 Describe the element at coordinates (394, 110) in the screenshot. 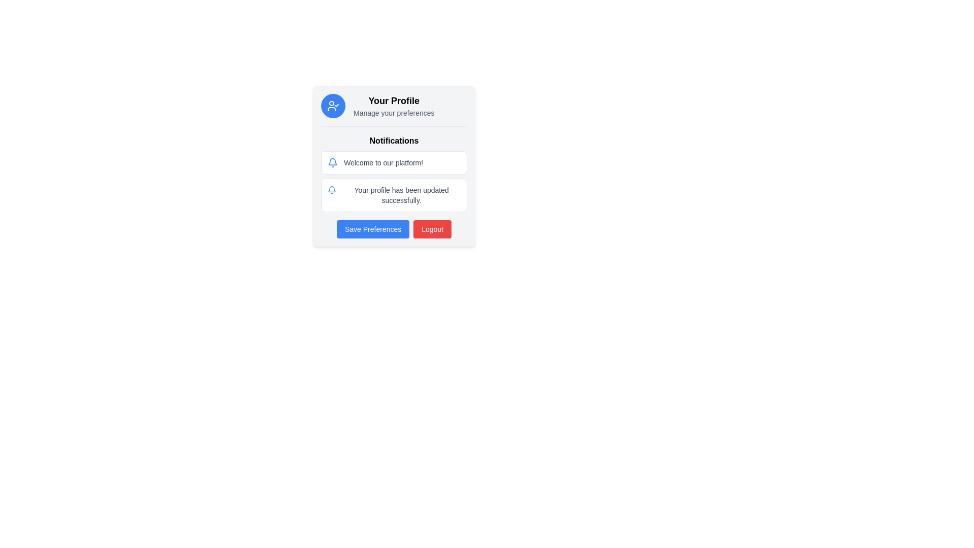

I see `the Header section that displays the profile section's title and brief description, located at the top of a card-like panel with a light gray background` at that location.